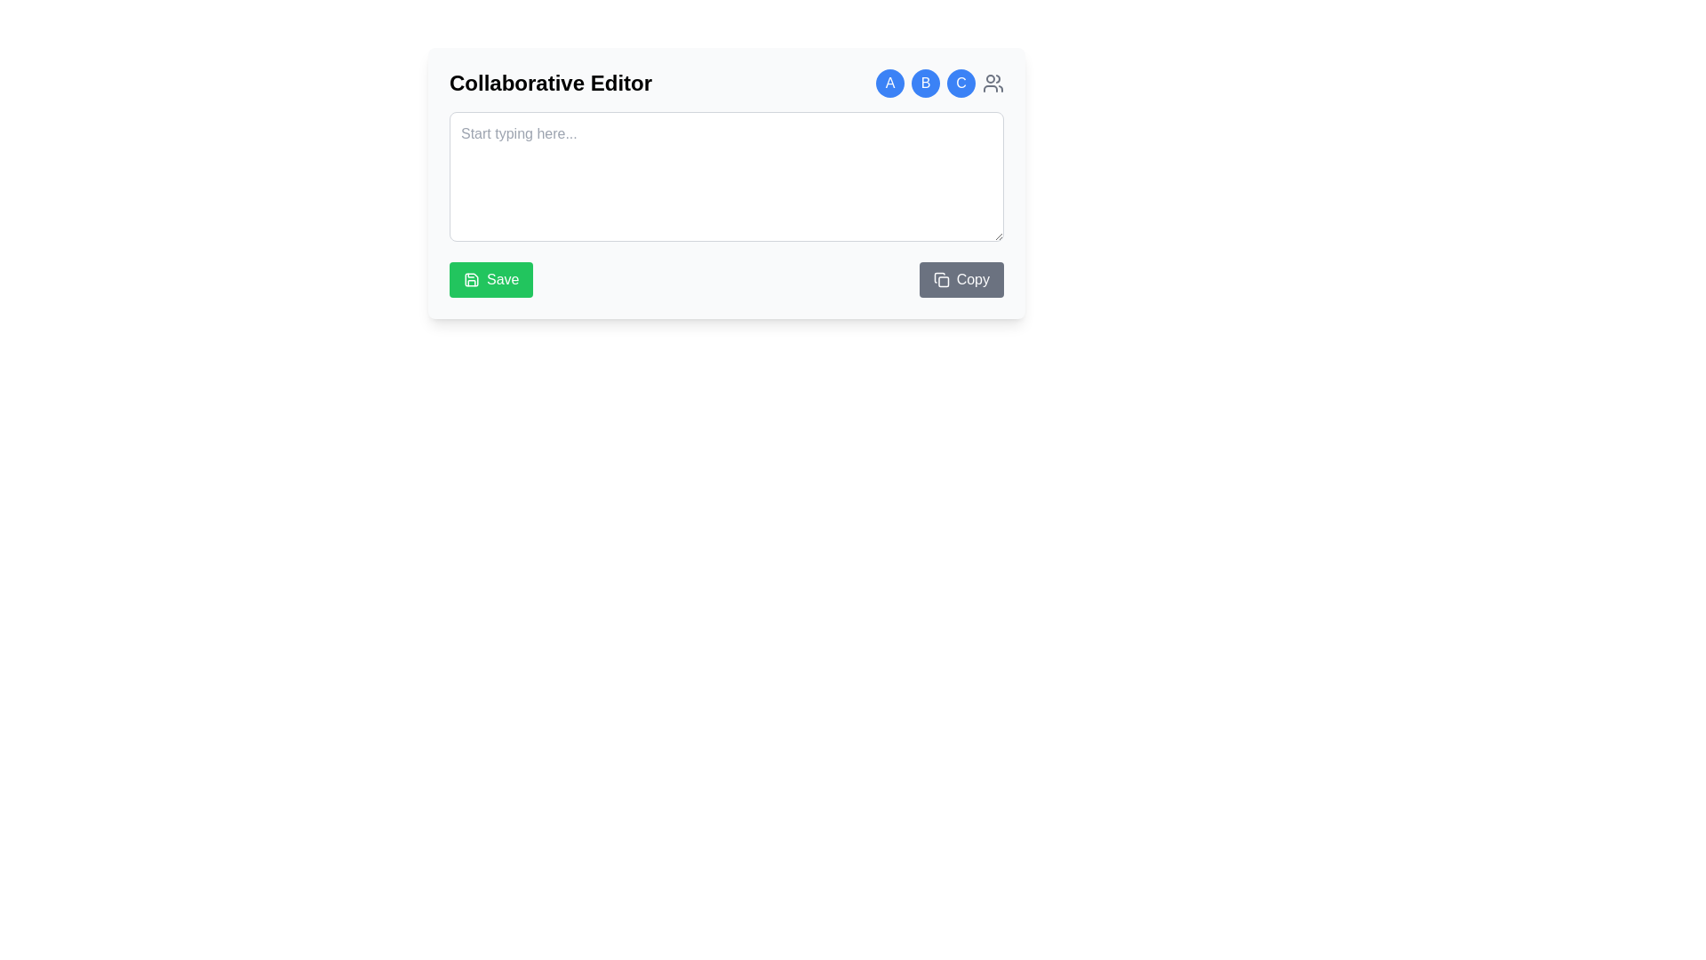 The image size is (1706, 960). I want to click on the floppy disk icon with a green background and white stroke, located within the 'Save' button in the bottom-left section of the Collaborative Editor interface, so click(472, 280).